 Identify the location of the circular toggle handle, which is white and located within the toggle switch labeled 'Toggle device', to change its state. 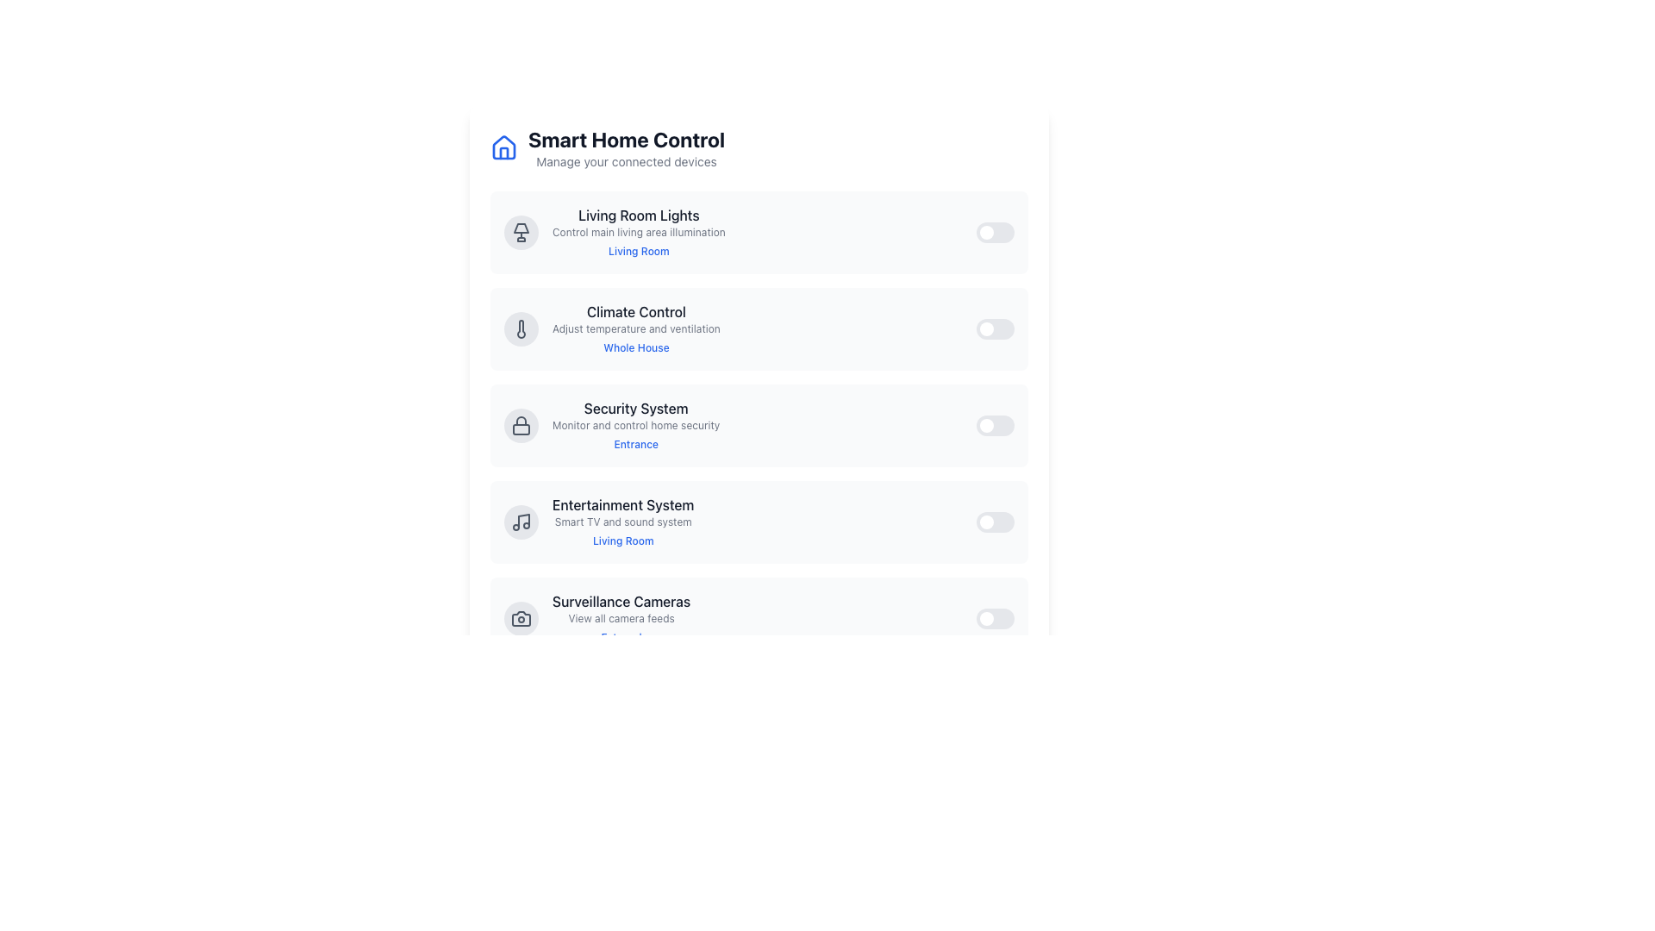
(987, 617).